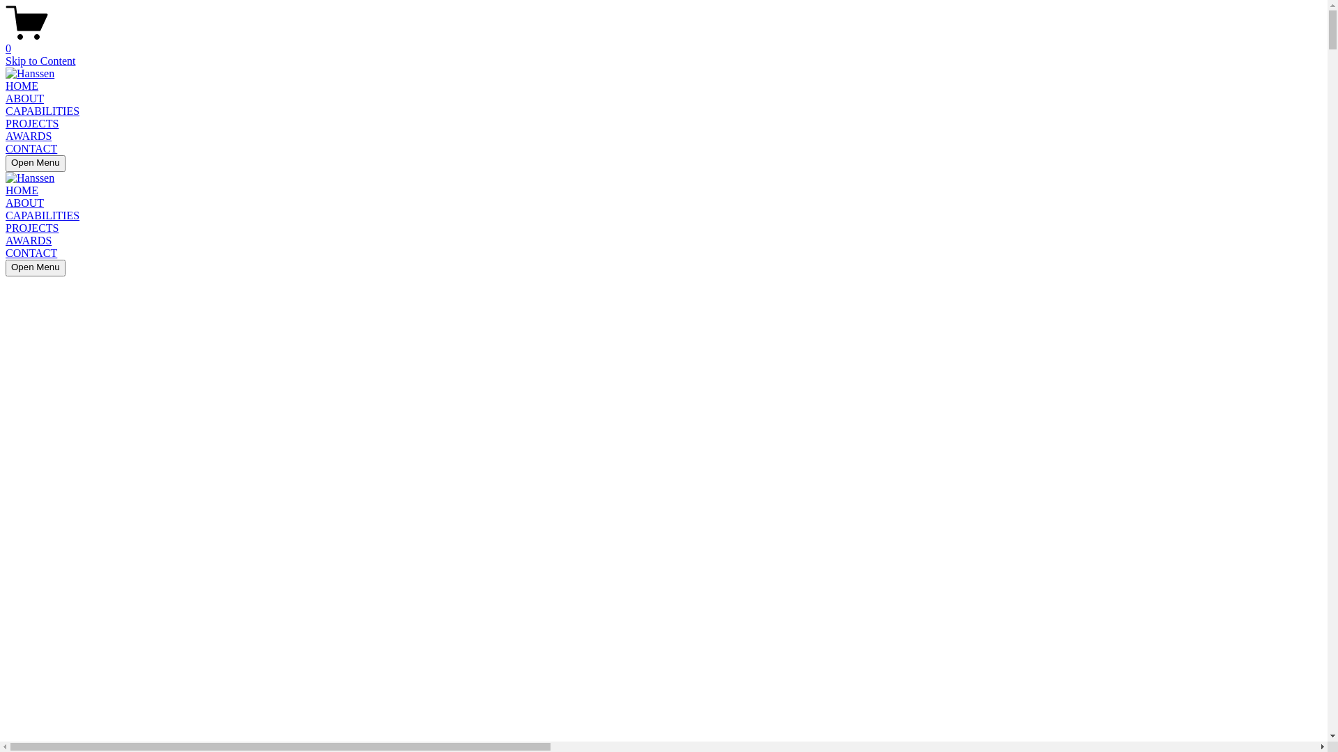 The width and height of the screenshot is (1338, 752). What do you see at coordinates (32, 123) in the screenshot?
I see `'PROJECTS'` at bounding box center [32, 123].